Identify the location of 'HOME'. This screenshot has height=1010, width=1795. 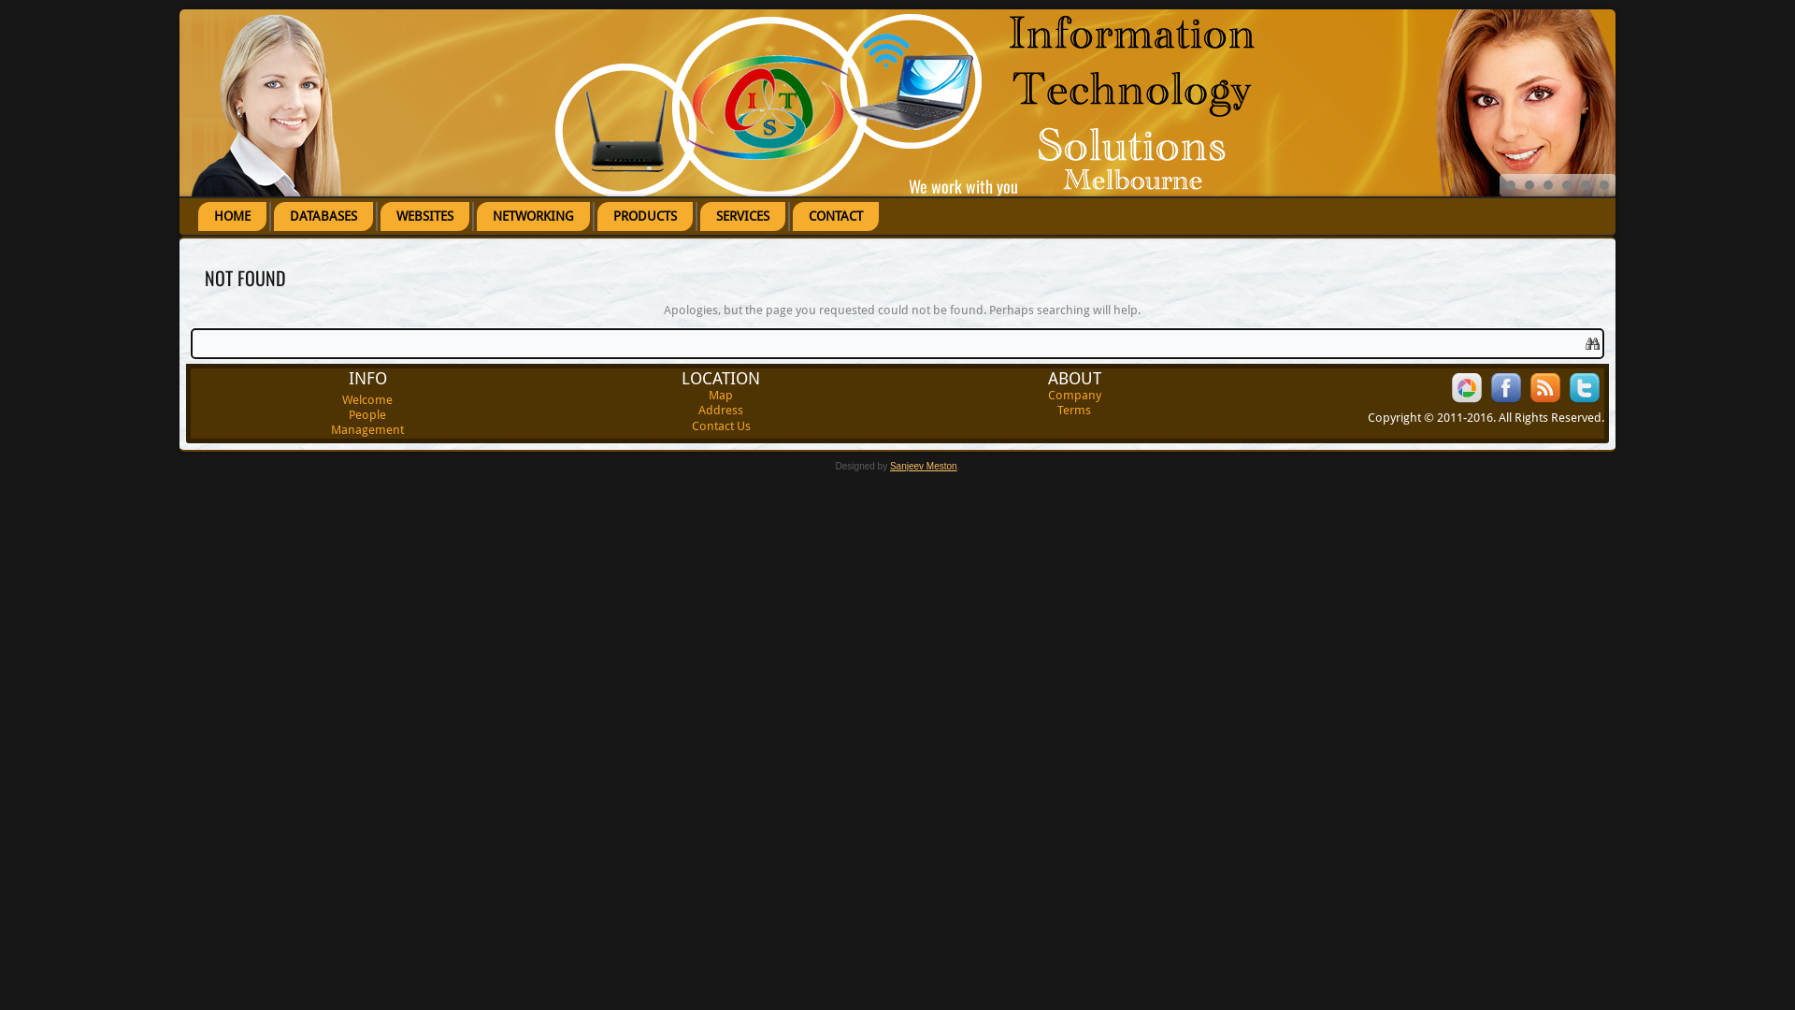
(231, 215).